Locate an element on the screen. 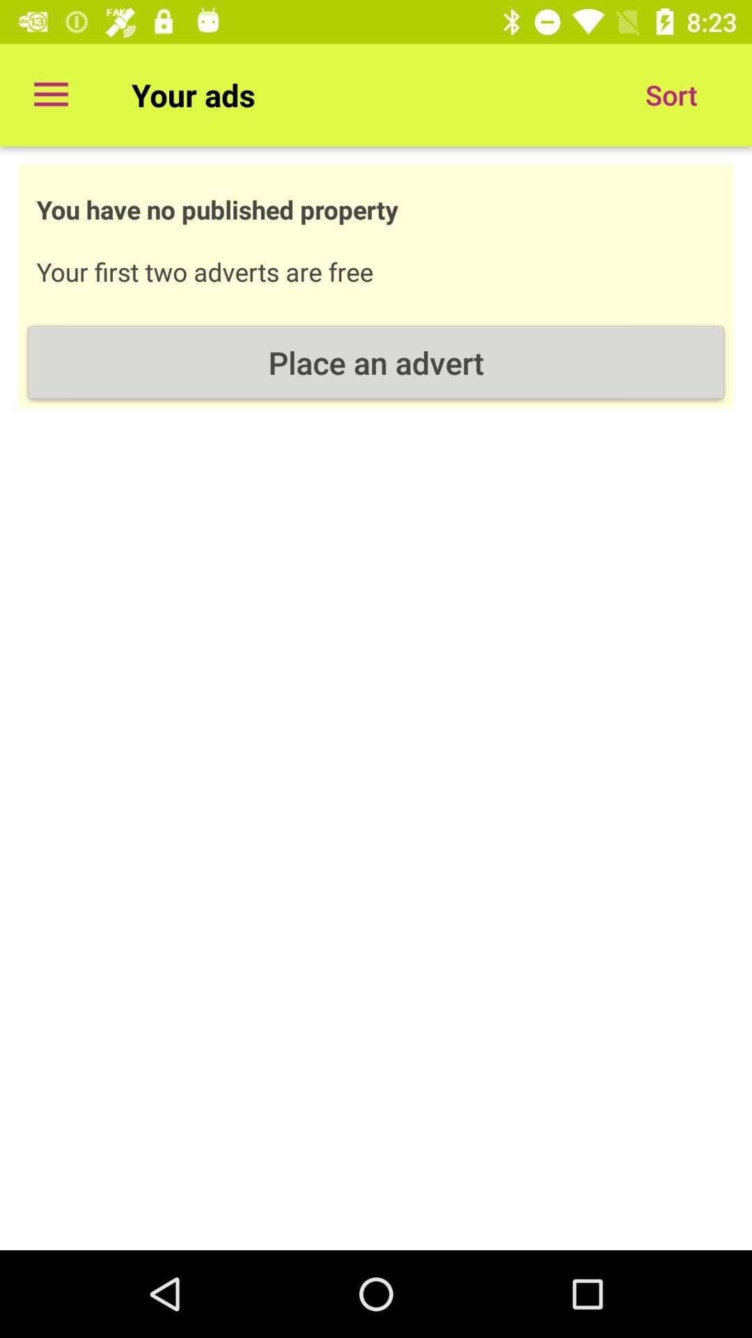 Image resolution: width=752 pixels, height=1338 pixels. the icon above you have no is located at coordinates (50, 94).